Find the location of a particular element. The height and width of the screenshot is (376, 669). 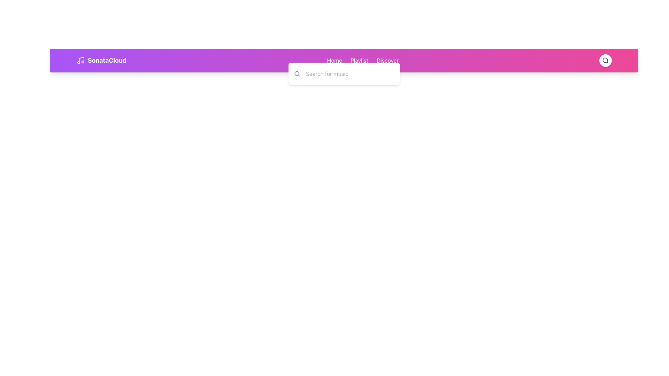

the Search bar, which is a white rectangular box with rounded corners and a search icon is located at coordinates (344, 74).